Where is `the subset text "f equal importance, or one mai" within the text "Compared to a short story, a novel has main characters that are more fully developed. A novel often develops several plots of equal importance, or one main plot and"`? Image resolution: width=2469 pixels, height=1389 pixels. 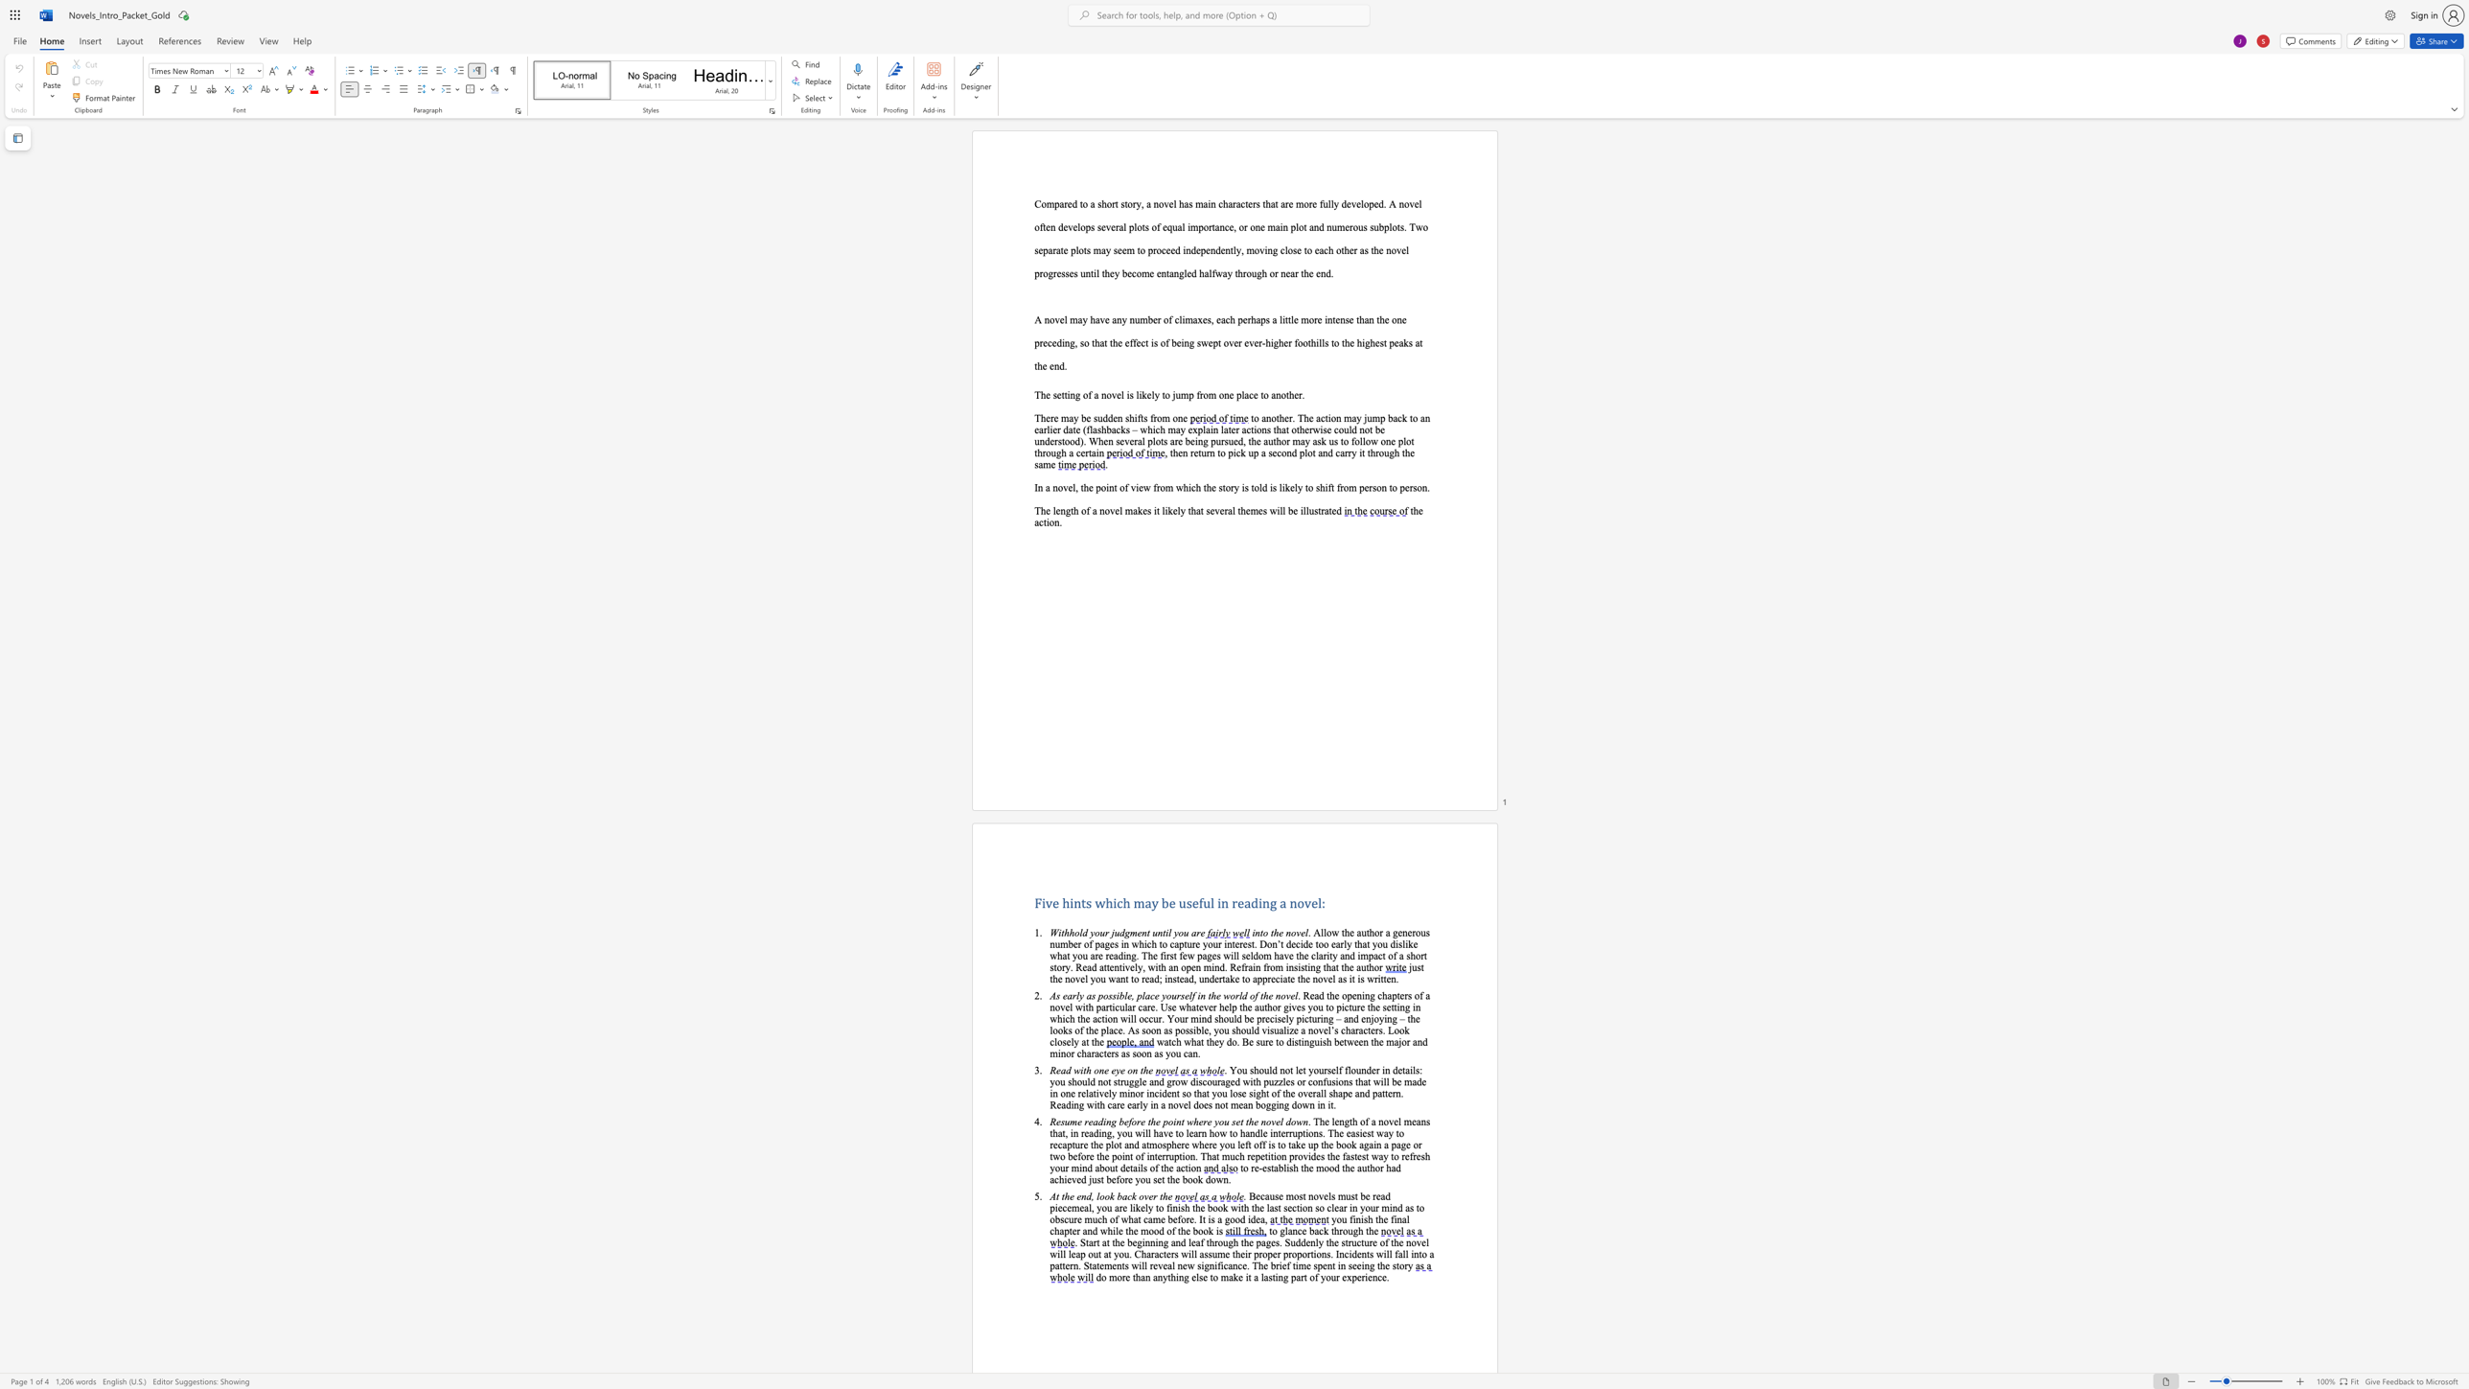
the subset text "f equal importance, or one mai" within the text "Compared to a short story, a novel has main characters that are more fully developed. A novel often develops several plots of equal importance, or one main plot and" is located at coordinates (1157, 225).